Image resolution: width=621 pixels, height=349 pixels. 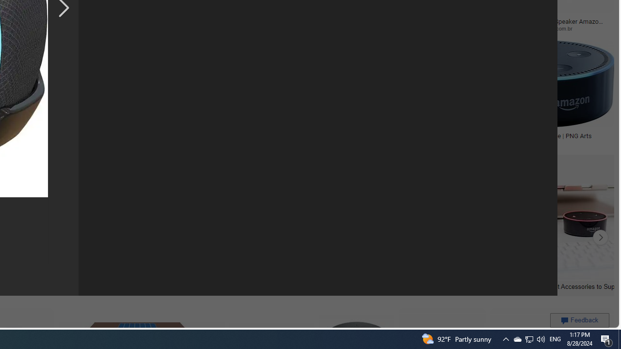 I want to click on 'Amazonecho Dot With Alexa (Gen 4)pnghq.comSave', so click(x=408, y=95).